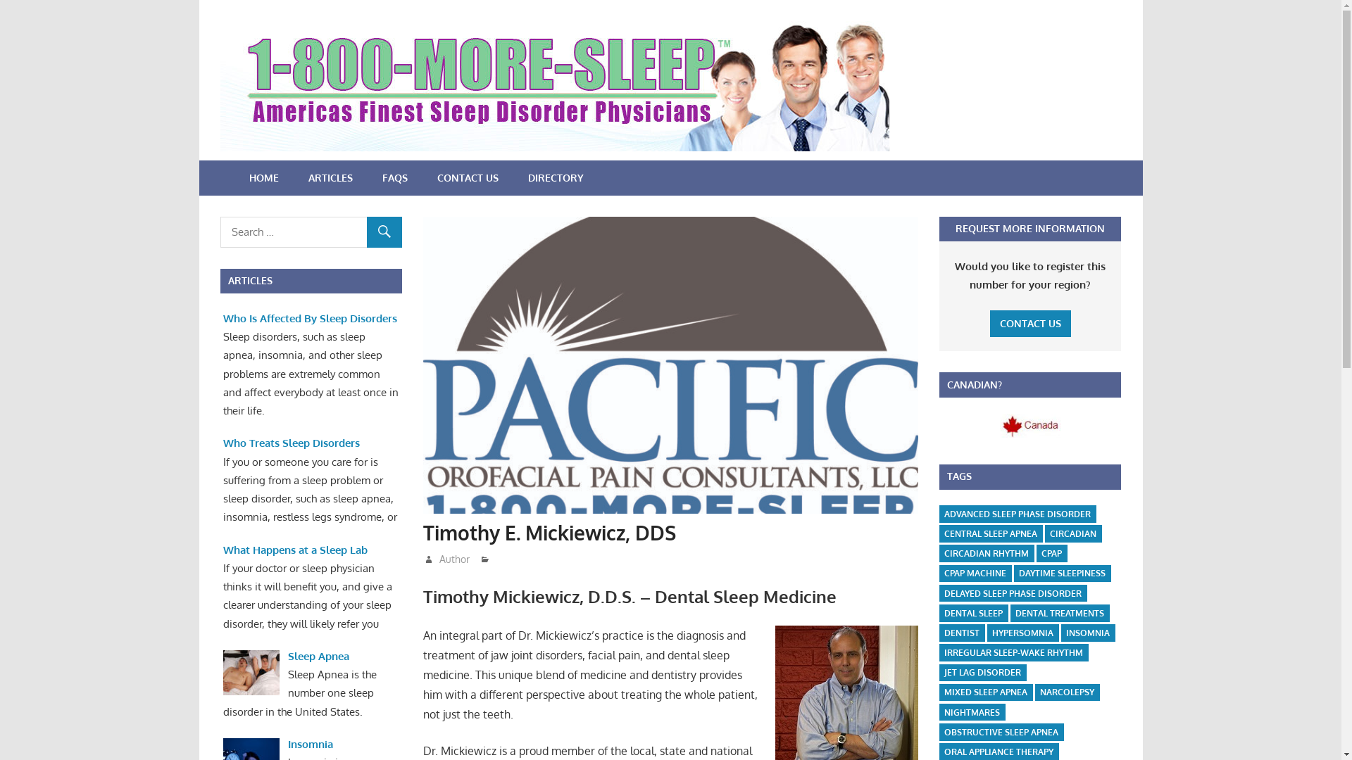  I want to click on 'Search for:', so click(310, 232).